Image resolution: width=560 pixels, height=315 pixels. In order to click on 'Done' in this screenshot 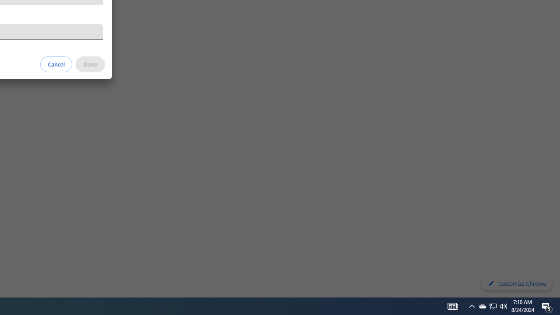, I will do `click(90, 63)`.